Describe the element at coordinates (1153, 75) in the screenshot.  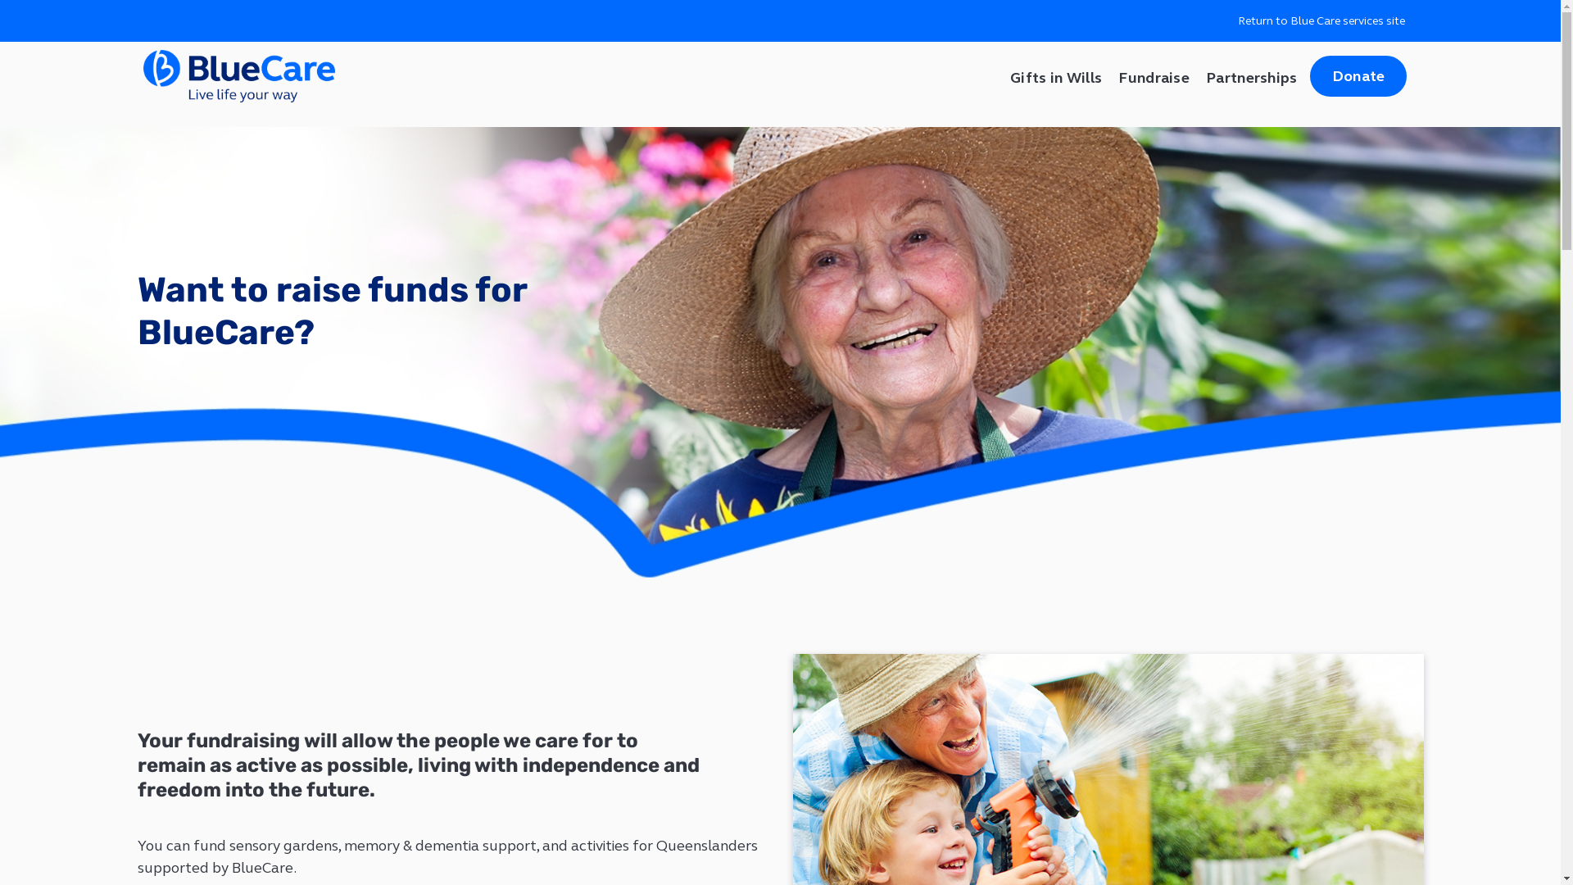
I see `'Fundraise'` at that location.